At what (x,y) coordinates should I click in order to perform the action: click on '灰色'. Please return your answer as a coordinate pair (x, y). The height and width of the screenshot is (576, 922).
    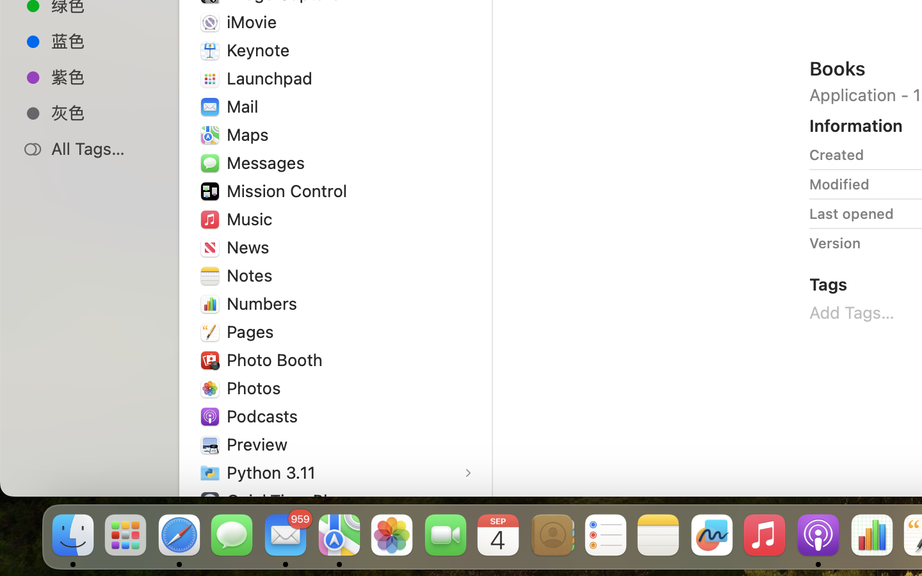
    Looking at the image, I should click on (102, 113).